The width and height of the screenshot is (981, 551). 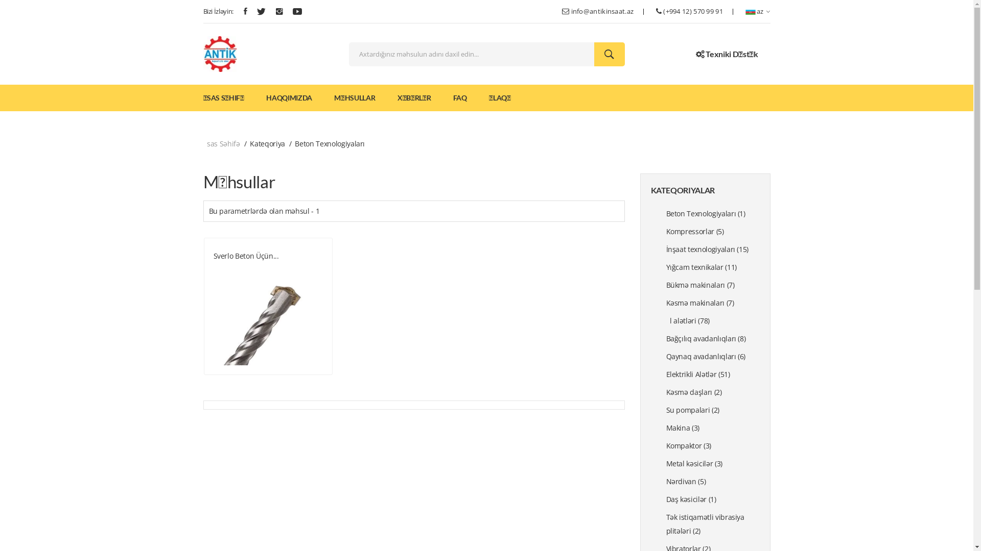 I want to click on 'Su pompalari (2)', so click(x=712, y=409).